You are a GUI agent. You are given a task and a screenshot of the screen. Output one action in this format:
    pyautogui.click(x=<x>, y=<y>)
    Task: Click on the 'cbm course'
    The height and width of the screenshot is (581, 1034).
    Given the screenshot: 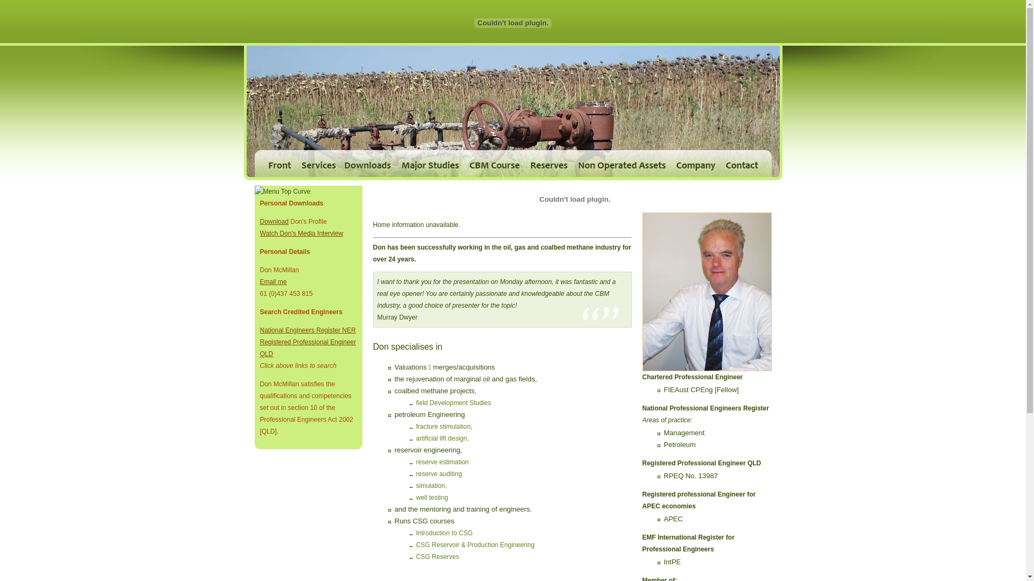 What is the action you would take?
    pyautogui.click(x=494, y=164)
    